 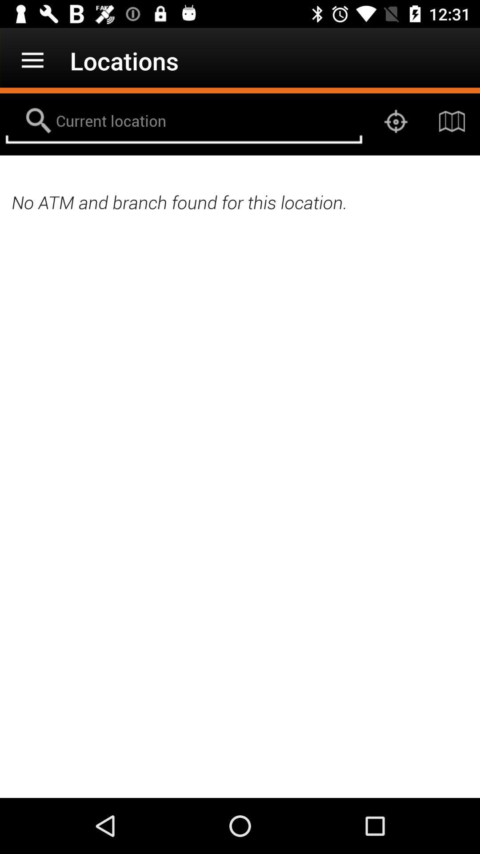 I want to click on the no atm and item, so click(x=240, y=201).